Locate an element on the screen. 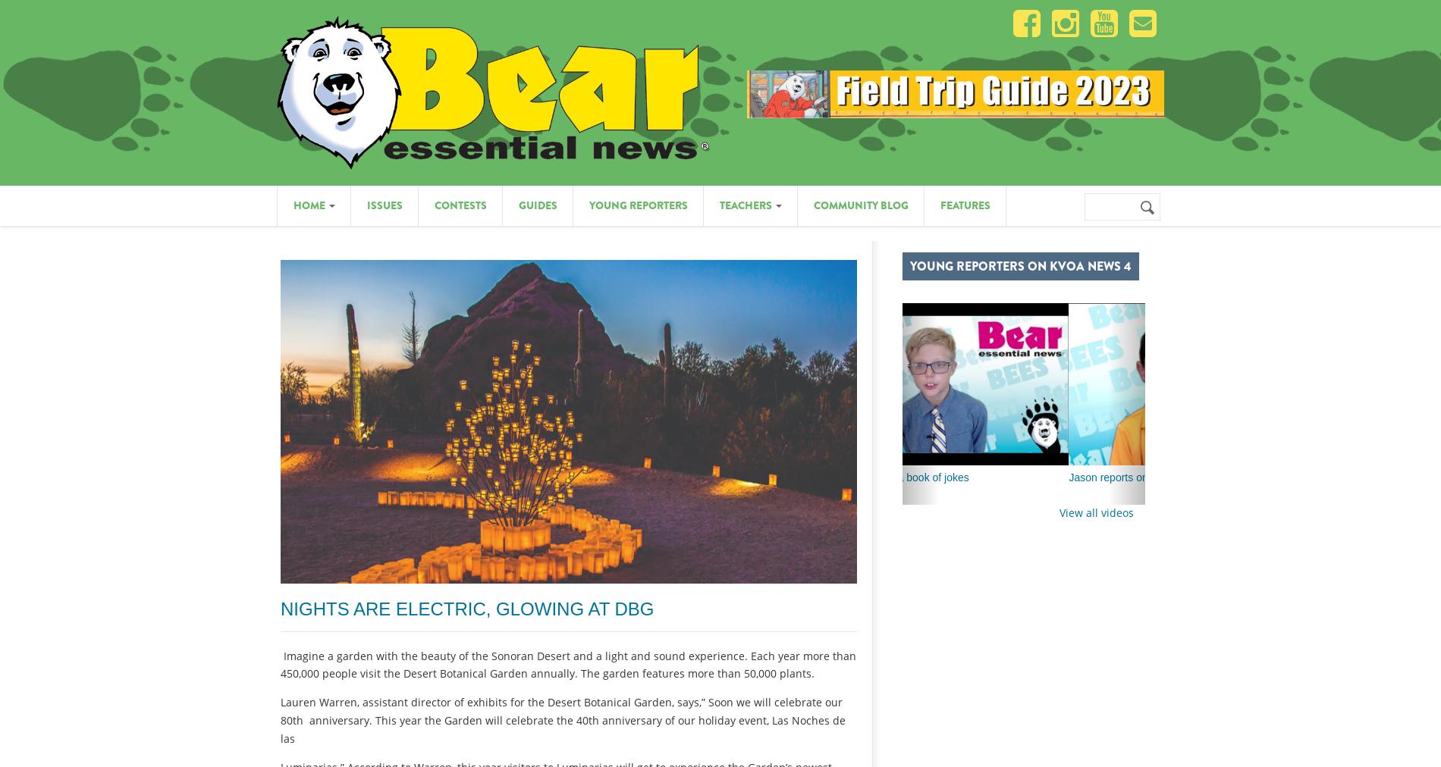 This screenshot has width=1441, height=767. 'Imagine a garden with the beauty of the Sonoran Desert and a light and sound experience. Each year more than 450,000 people visit the Desert Botanical Garden annually. The garden features more than 50,000 plants.' is located at coordinates (567, 663).